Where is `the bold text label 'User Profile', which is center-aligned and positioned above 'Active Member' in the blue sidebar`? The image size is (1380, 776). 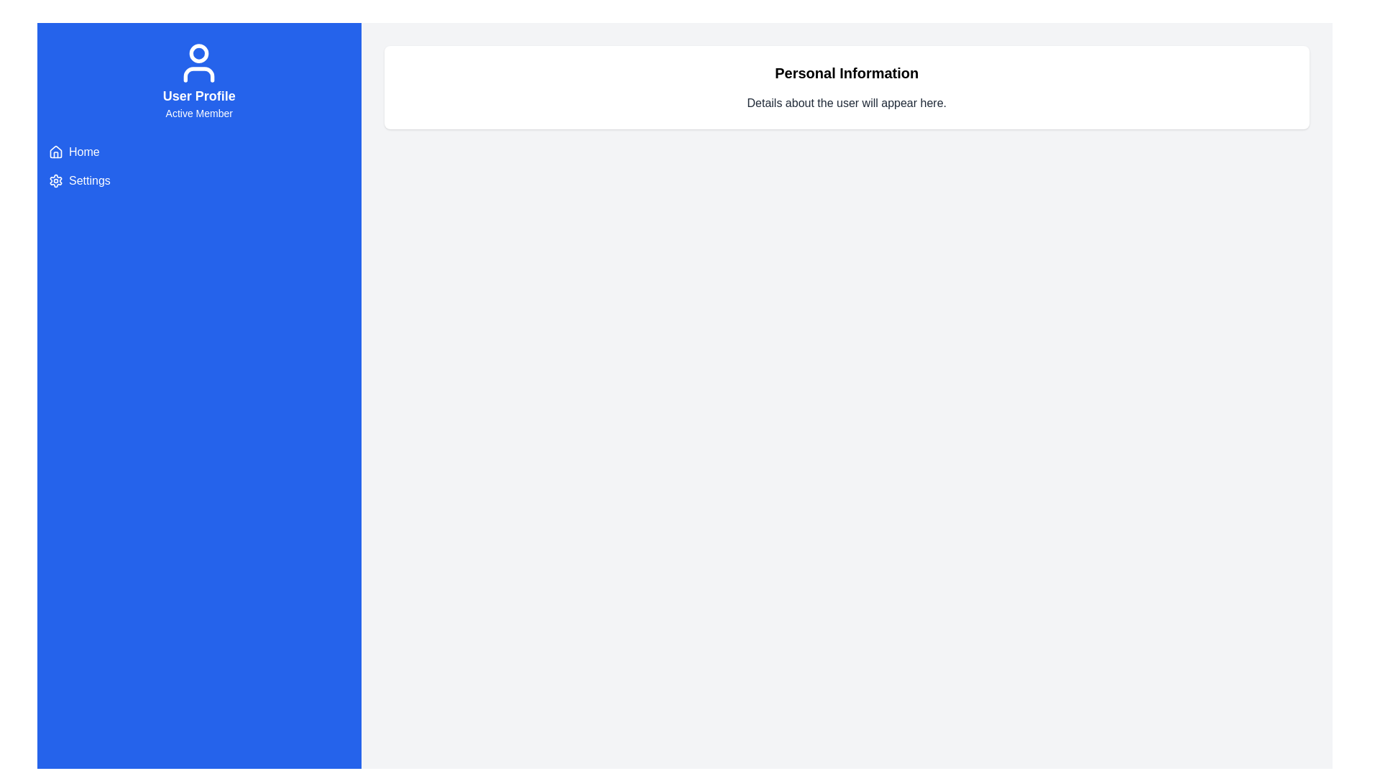
the bold text label 'User Profile', which is center-aligned and positioned above 'Active Member' in the blue sidebar is located at coordinates (198, 96).